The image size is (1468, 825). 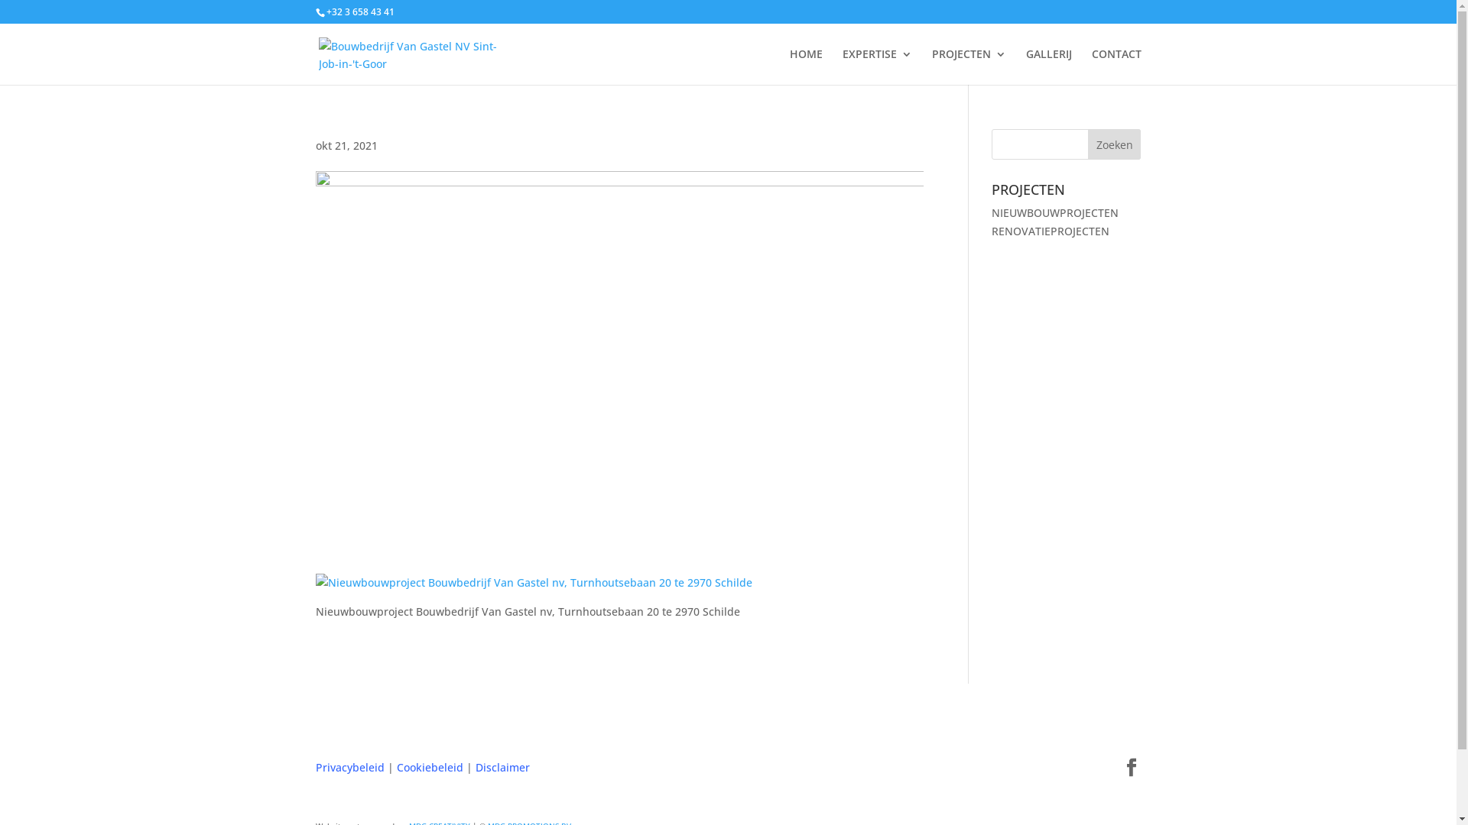 I want to click on 'NIEUWBOUWPROJECTEN', so click(x=991, y=212).